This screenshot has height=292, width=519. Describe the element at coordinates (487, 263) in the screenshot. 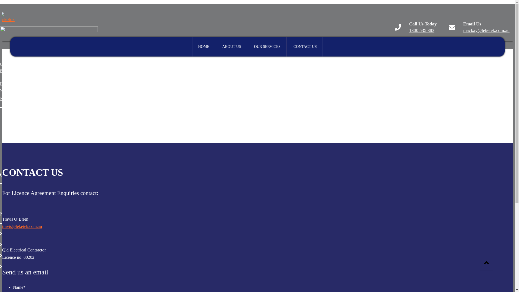

I see `'Scroll to top'` at that location.